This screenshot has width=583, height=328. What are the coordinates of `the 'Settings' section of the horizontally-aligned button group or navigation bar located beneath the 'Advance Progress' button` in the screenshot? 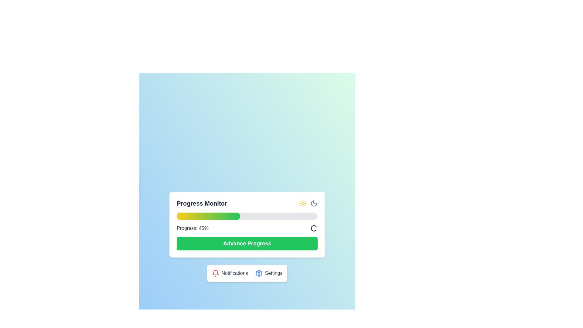 It's located at (247, 273).